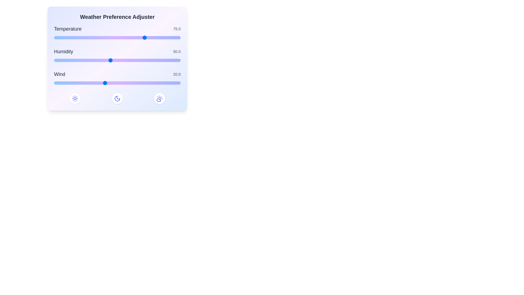  What do you see at coordinates (114, 83) in the screenshot?
I see `wind value` at bounding box center [114, 83].